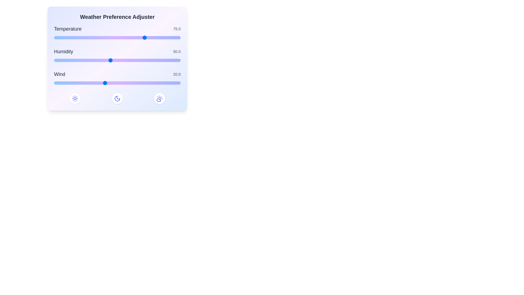  What do you see at coordinates (114, 83) in the screenshot?
I see `wind value` at bounding box center [114, 83].